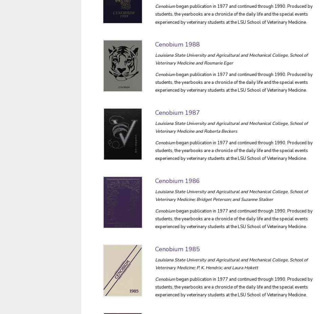 This screenshot has height=314, width=332. I want to click on 'Cenobium 1985', so click(178, 248).